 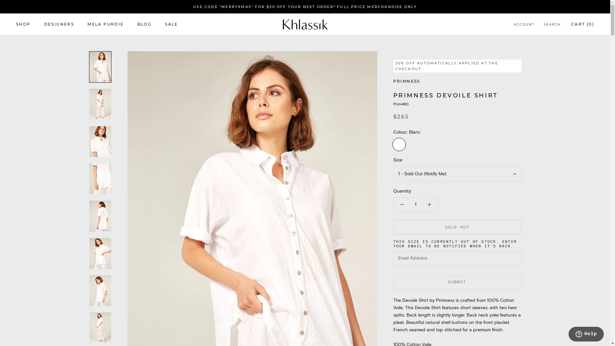 I want to click on 'SHOP, so click(x=23, y=24).